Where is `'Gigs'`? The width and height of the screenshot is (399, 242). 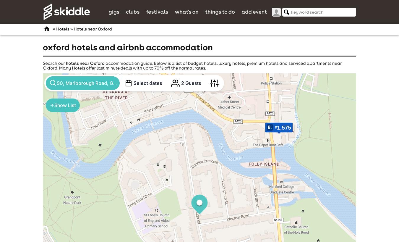 'Gigs' is located at coordinates (114, 11).